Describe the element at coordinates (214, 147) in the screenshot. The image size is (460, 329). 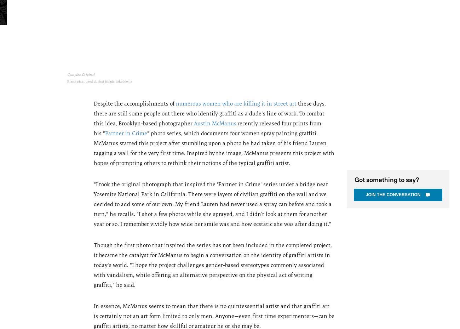
I see `'" photo series, which documents four women spray painting graffiti. McManus started this project after stumbling upon a photo he had taken of his friend Lauren tagging a wall for the very first time. Inspired by the image, McManus presents this project with hopes of prompting others to rethink their notions of the typical graffiti artist.'` at that location.